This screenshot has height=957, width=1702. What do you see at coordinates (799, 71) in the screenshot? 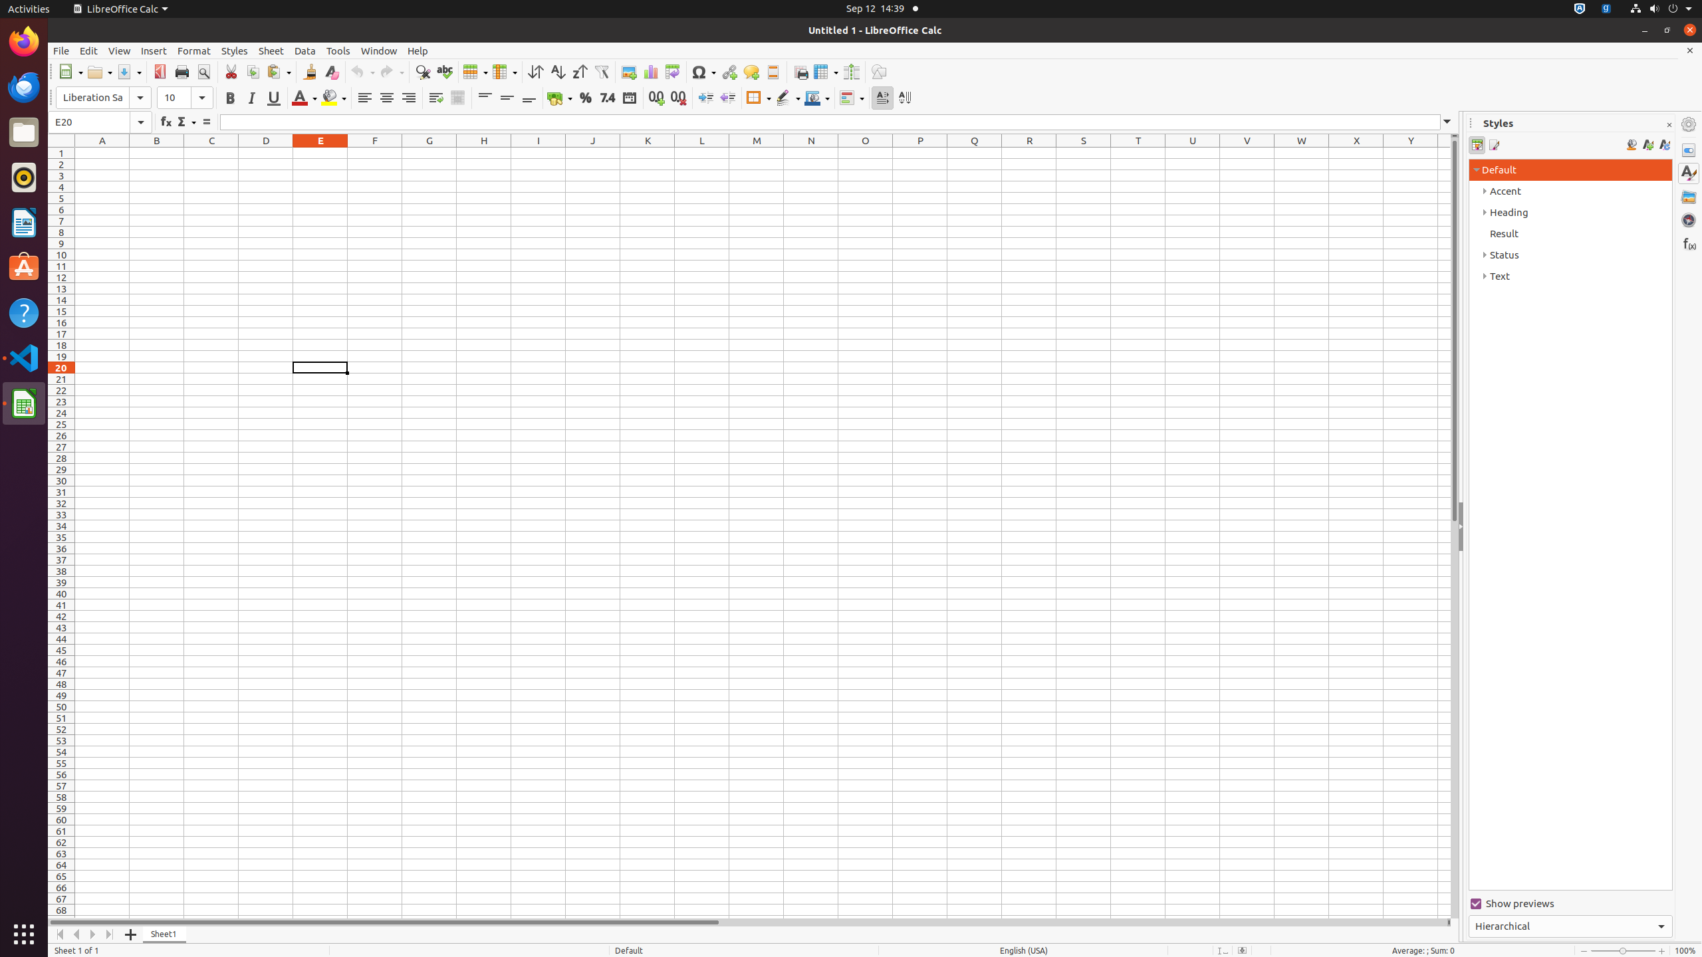
I see `'Print Area'` at bounding box center [799, 71].